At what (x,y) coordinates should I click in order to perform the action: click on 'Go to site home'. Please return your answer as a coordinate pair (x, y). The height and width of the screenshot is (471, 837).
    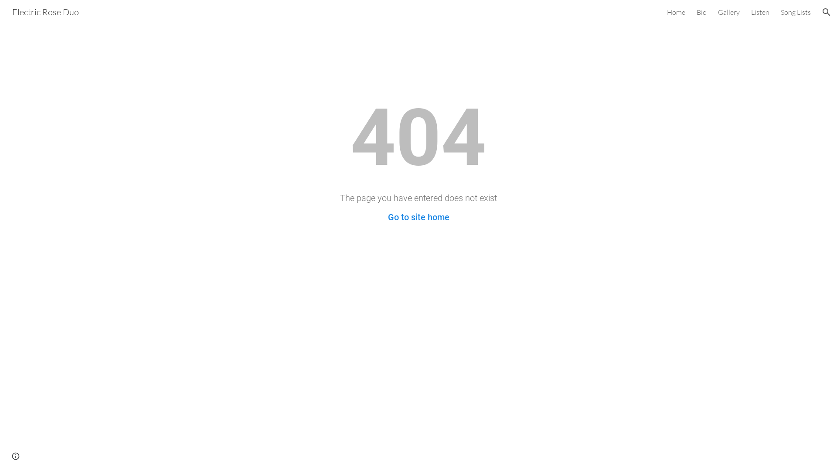
    Looking at the image, I should click on (418, 216).